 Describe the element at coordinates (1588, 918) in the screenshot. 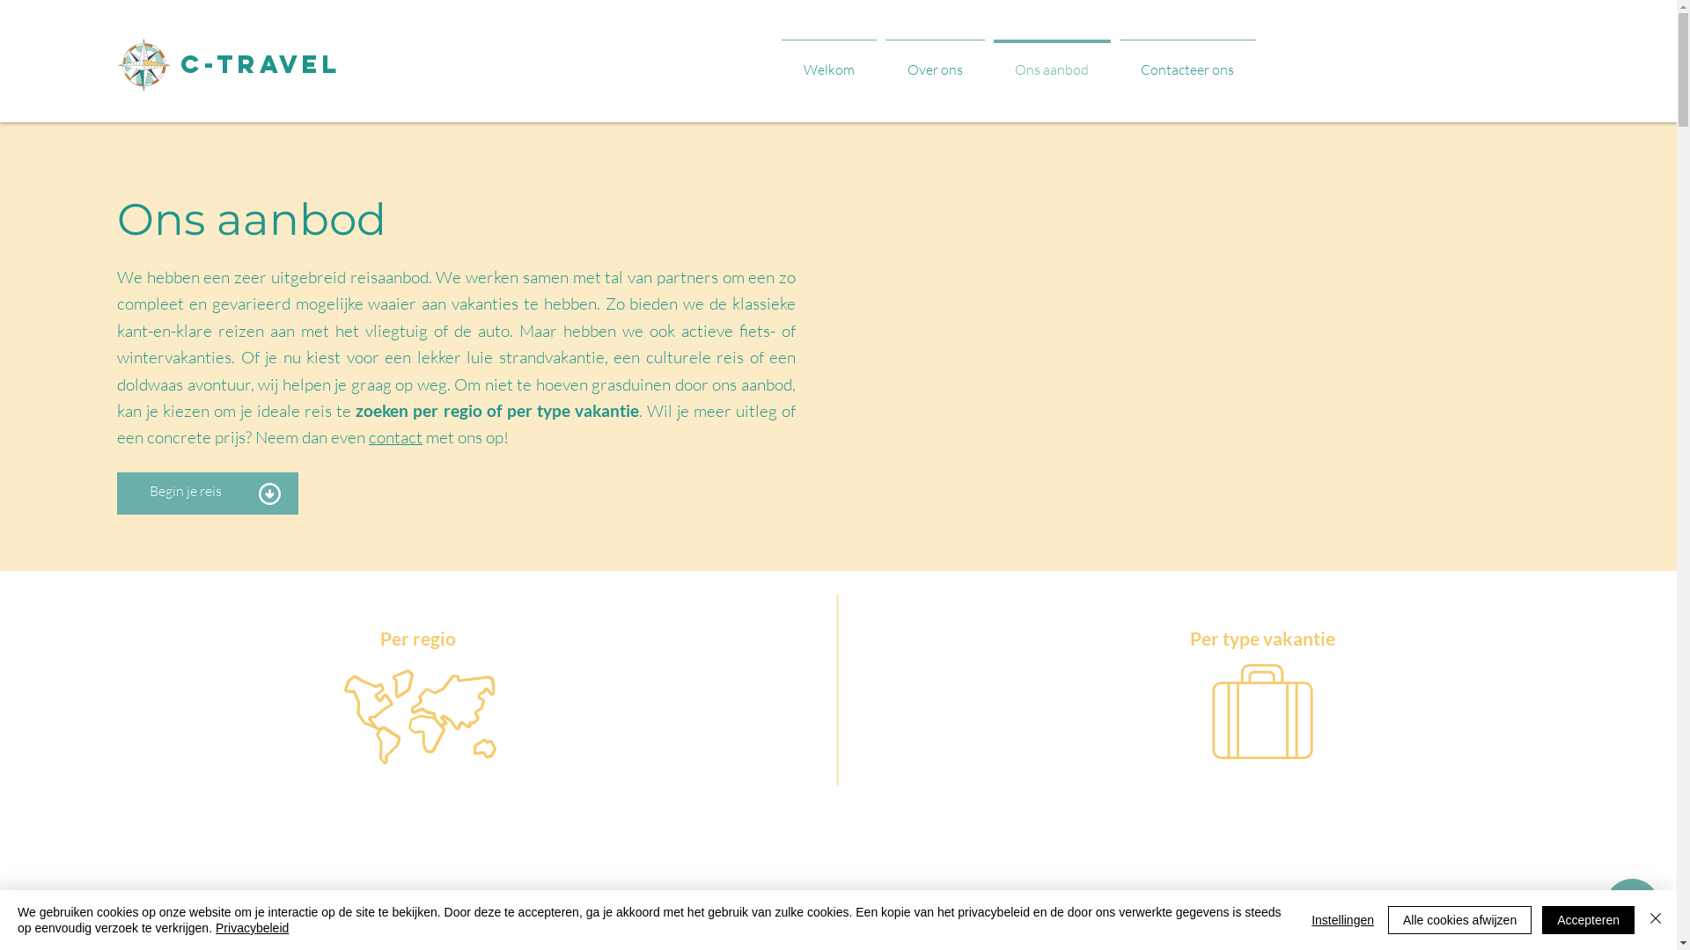

I see `'Accepteren'` at that location.